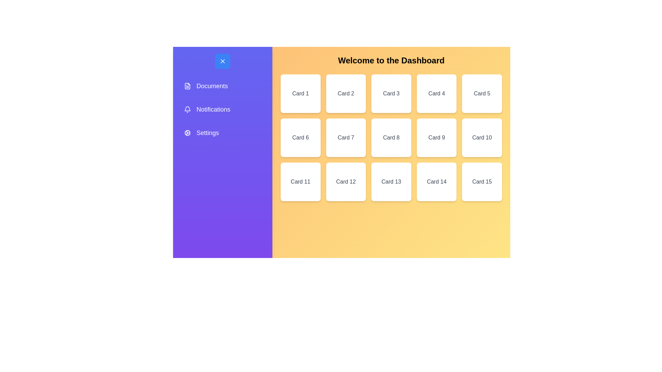 This screenshot has width=662, height=372. Describe the element at coordinates (223, 133) in the screenshot. I see `the menu option Settings from the sidebar` at that location.